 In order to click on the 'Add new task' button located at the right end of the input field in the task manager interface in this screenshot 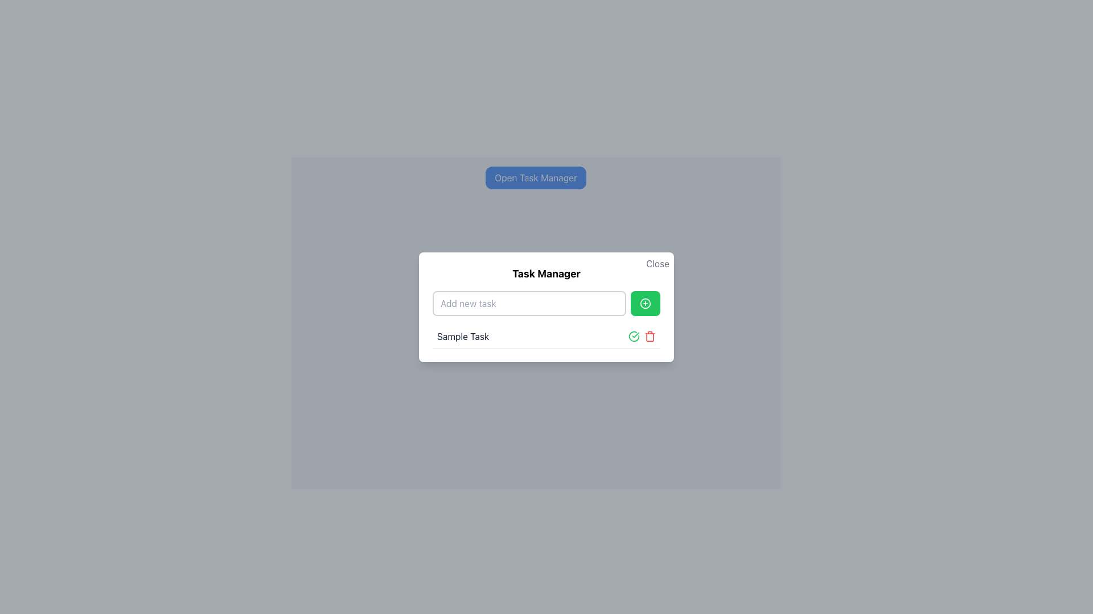, I will do `click(645, 302)`.